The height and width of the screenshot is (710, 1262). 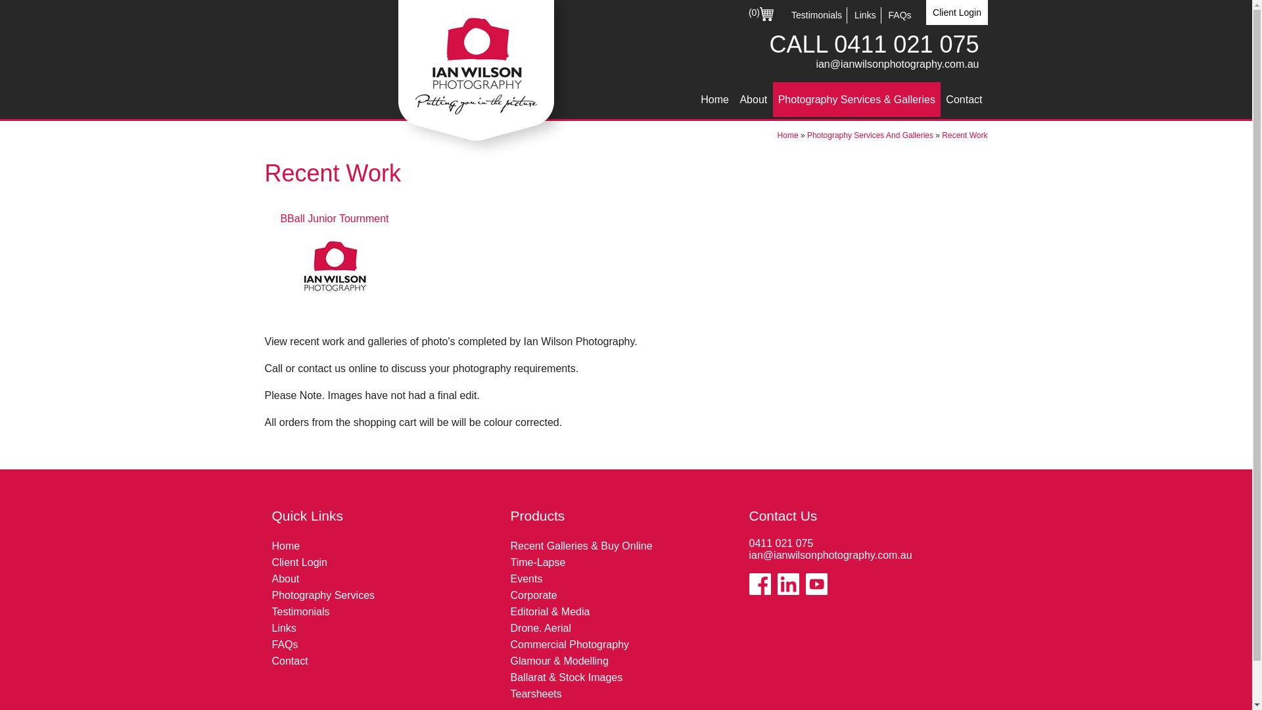 What do you see at coordinates (569, 644) in the screenshot?
I see `'Commercial Photography'` at bounding box center [569, 644].